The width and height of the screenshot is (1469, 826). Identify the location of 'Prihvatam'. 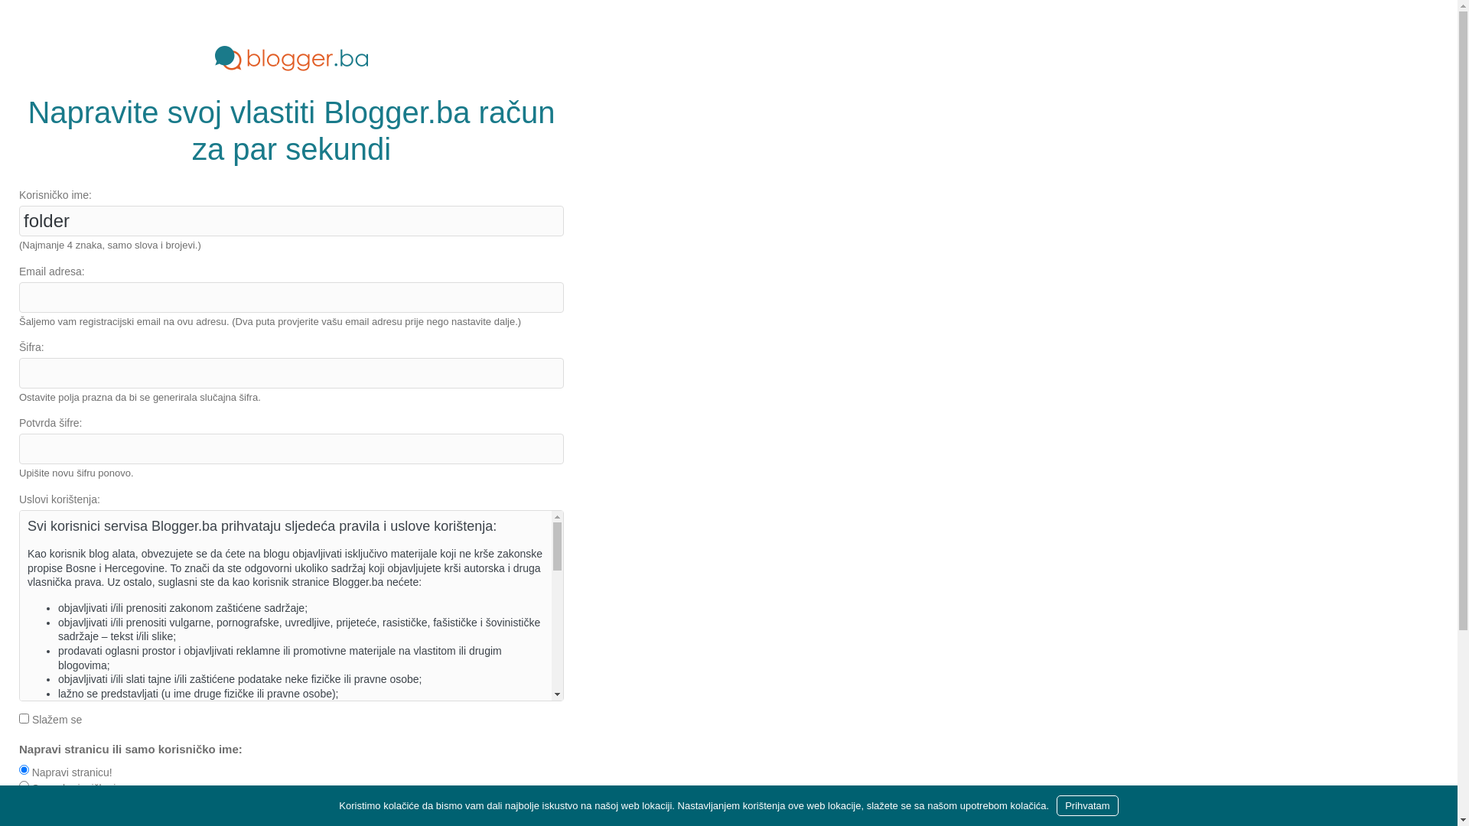
(1086, 805).